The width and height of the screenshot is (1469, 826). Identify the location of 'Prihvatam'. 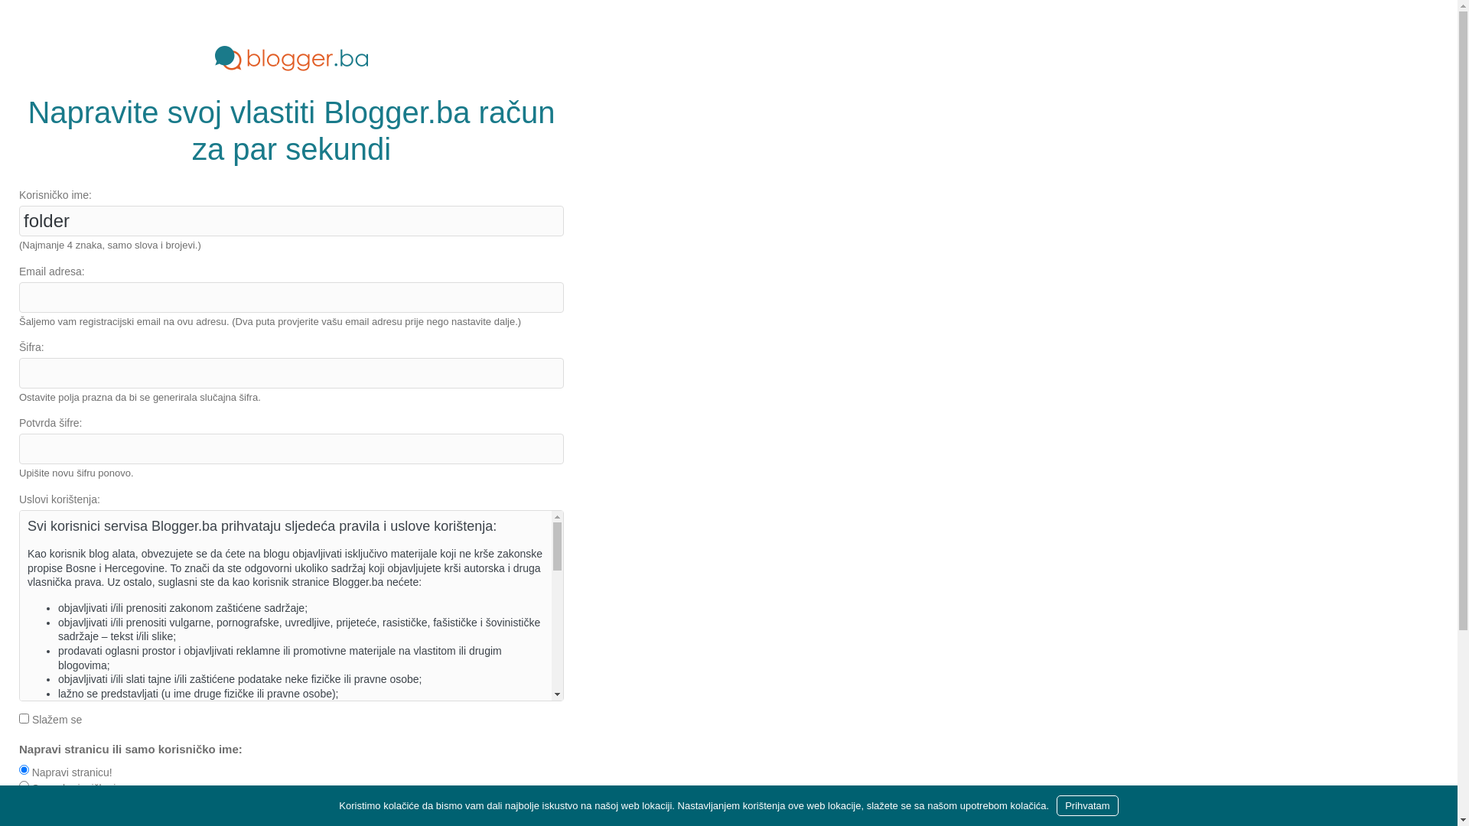
(1086, 805).